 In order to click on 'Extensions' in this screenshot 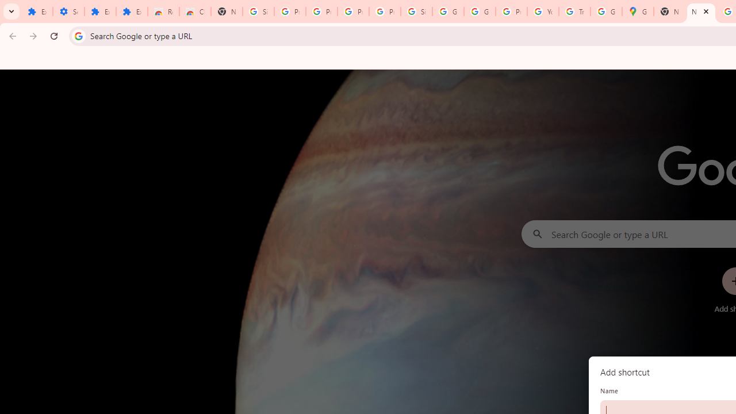, I will do `click(100, 11)`.